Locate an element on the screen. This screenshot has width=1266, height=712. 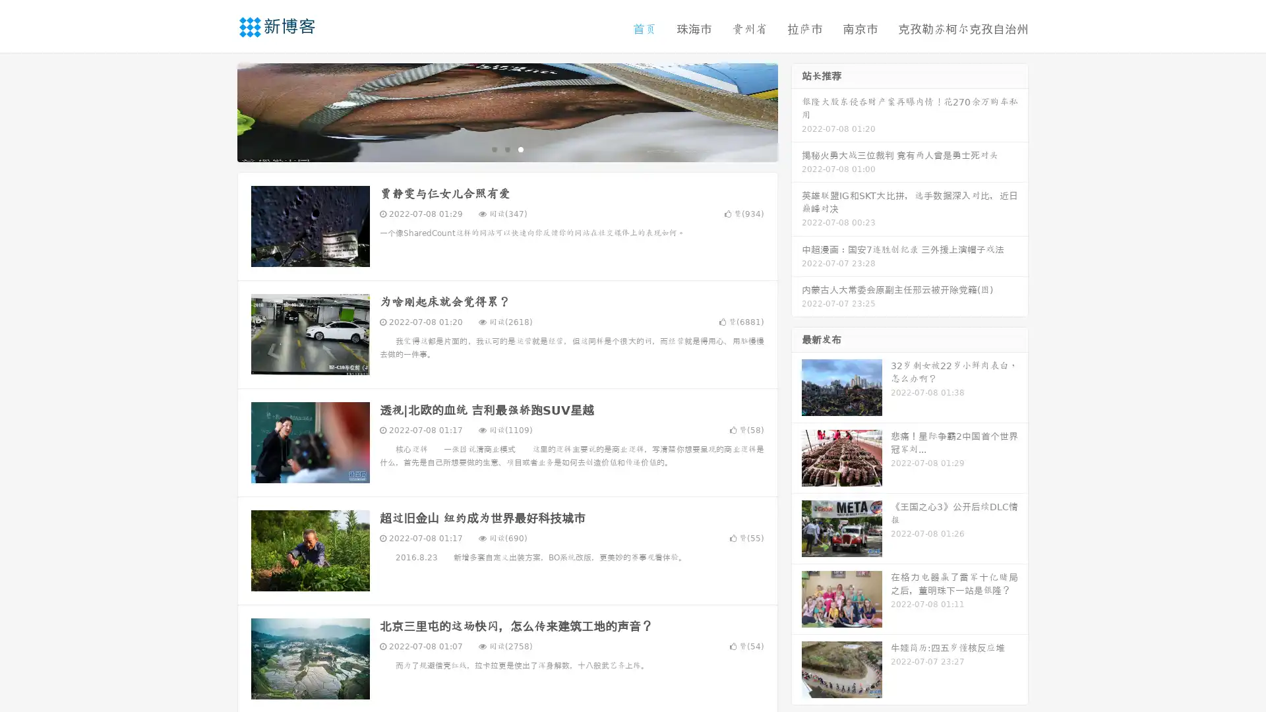
Previous slide is located at coordinates (218, 111).